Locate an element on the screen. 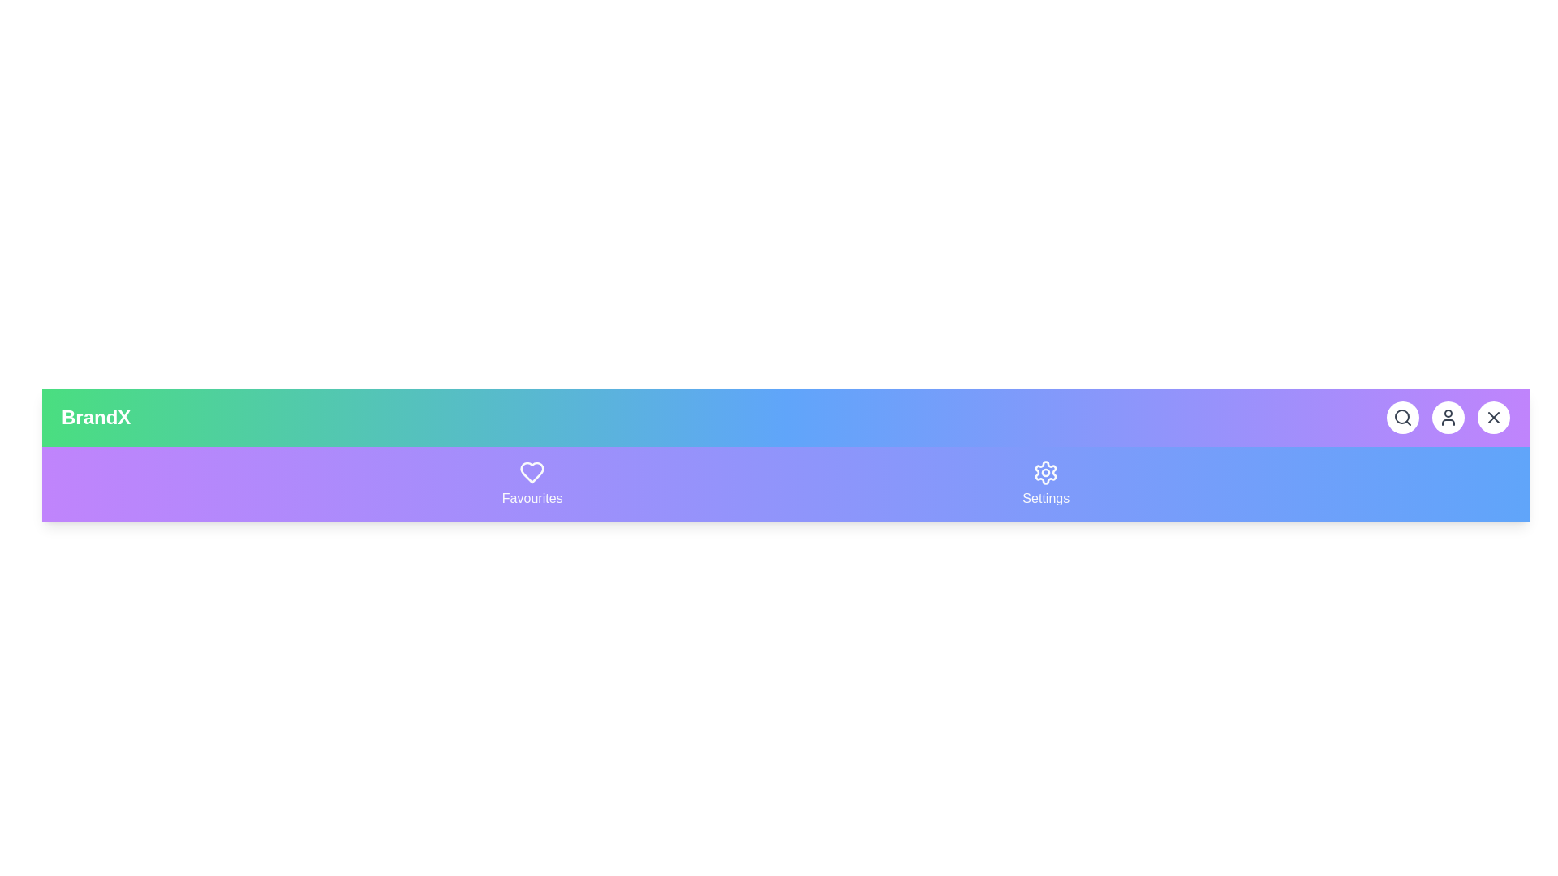  the search button is located at coordinates (1401, 417).